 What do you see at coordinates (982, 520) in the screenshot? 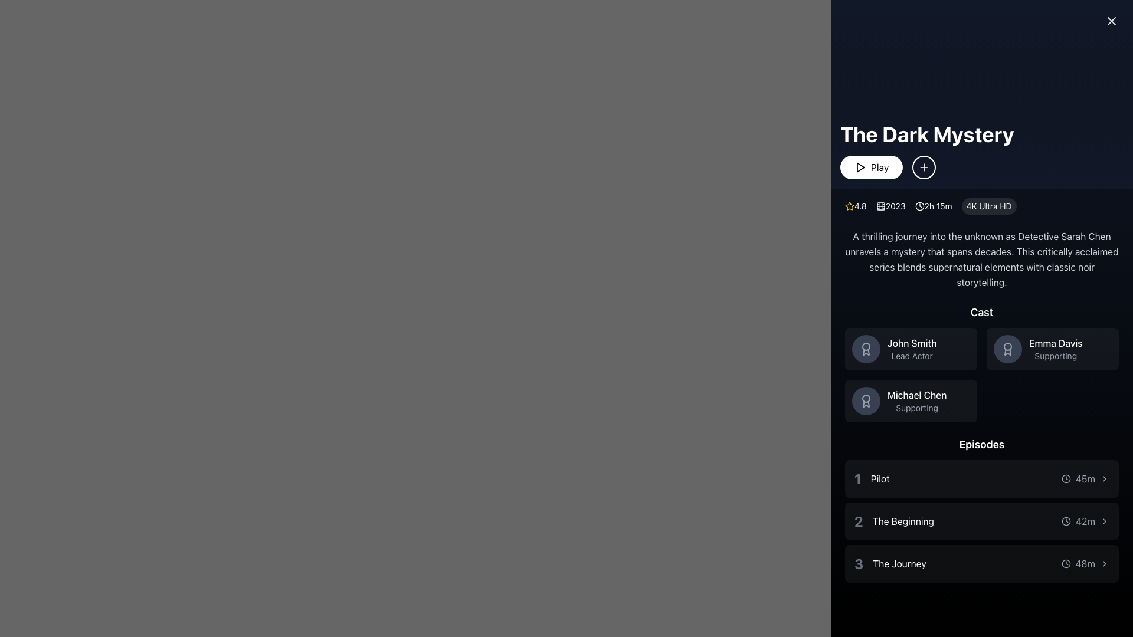
I see `the second list item representing an episode, which is located under the 'Episodes' section` at bounding box center [982, 520].